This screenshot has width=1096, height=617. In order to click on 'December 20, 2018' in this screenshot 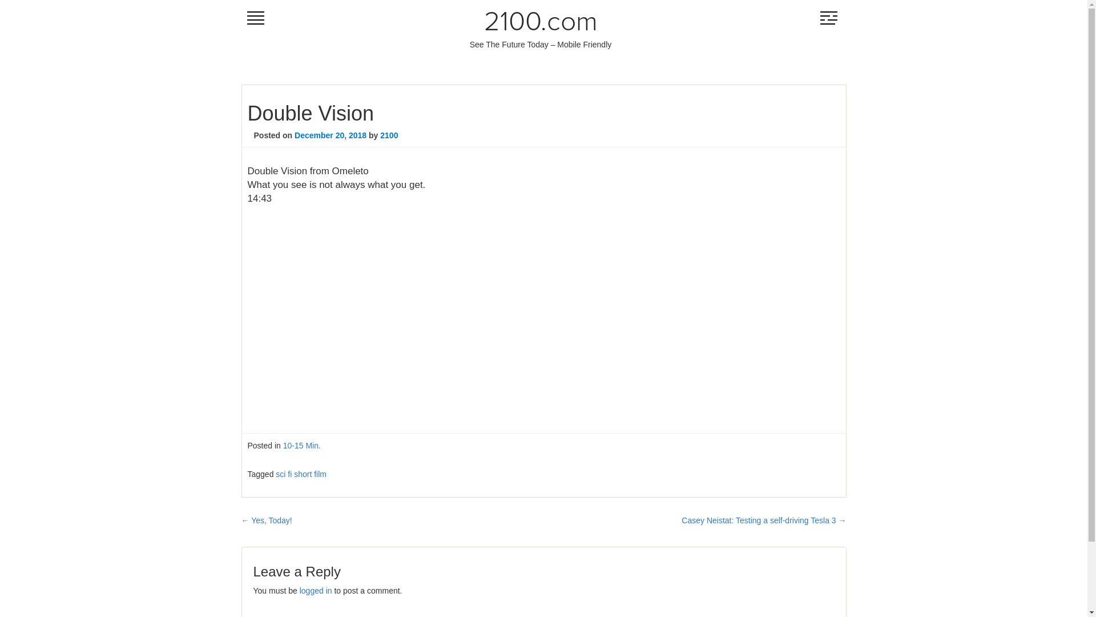, I will do `click(294, 134)`.